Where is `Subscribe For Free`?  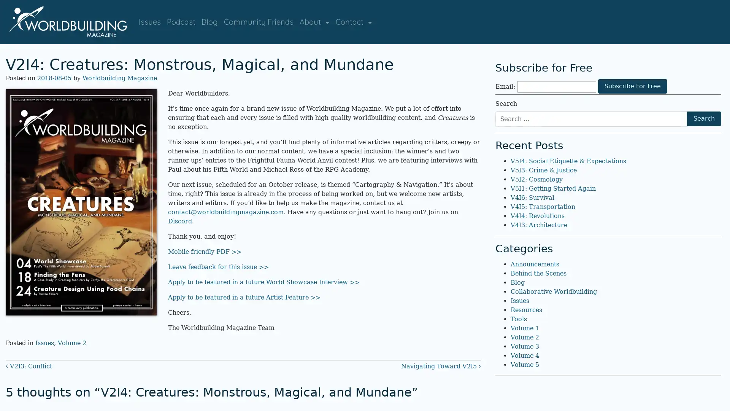 Subscribe For Free is located at coordinates (633, 86).